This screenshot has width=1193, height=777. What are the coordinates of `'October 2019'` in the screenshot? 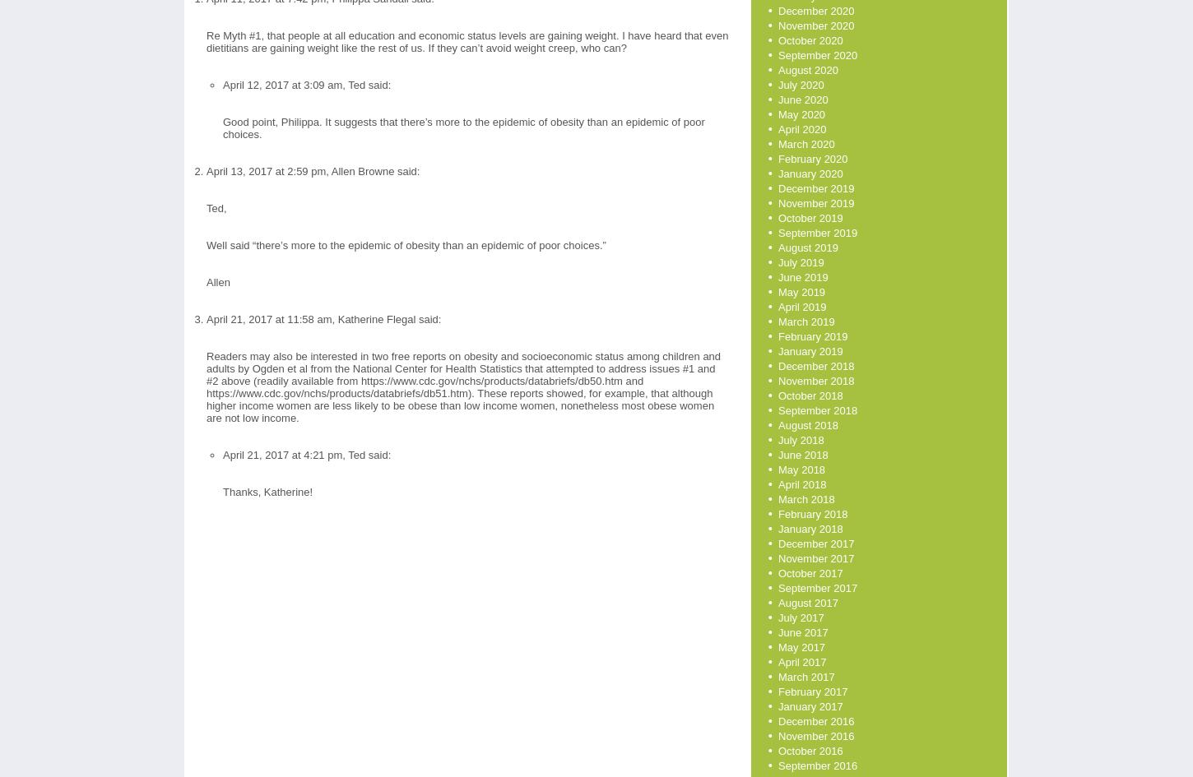 It's located at (810, 217).